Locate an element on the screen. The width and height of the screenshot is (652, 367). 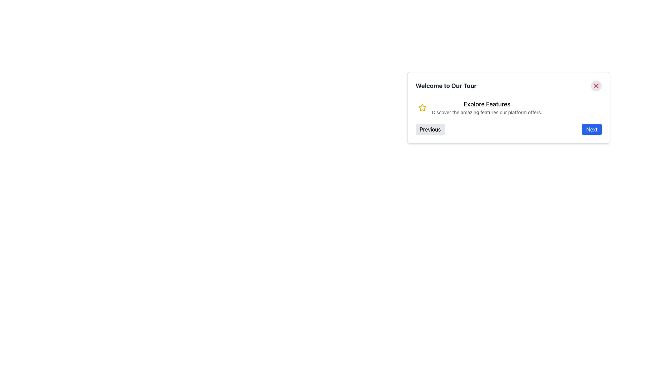
the bold text reading 'Welcome to Our Tour' located at the top of a pop-up modal interface, prominently displayed and to the left of the close button is located at coordinates (446, 86).